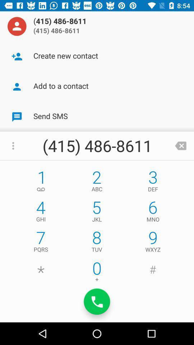 This screenshot has width=194, height=345. What do you see at coordinates (97, 302) in the screenshot?
I see `the app below the + app` at bounding box center [97, 302].